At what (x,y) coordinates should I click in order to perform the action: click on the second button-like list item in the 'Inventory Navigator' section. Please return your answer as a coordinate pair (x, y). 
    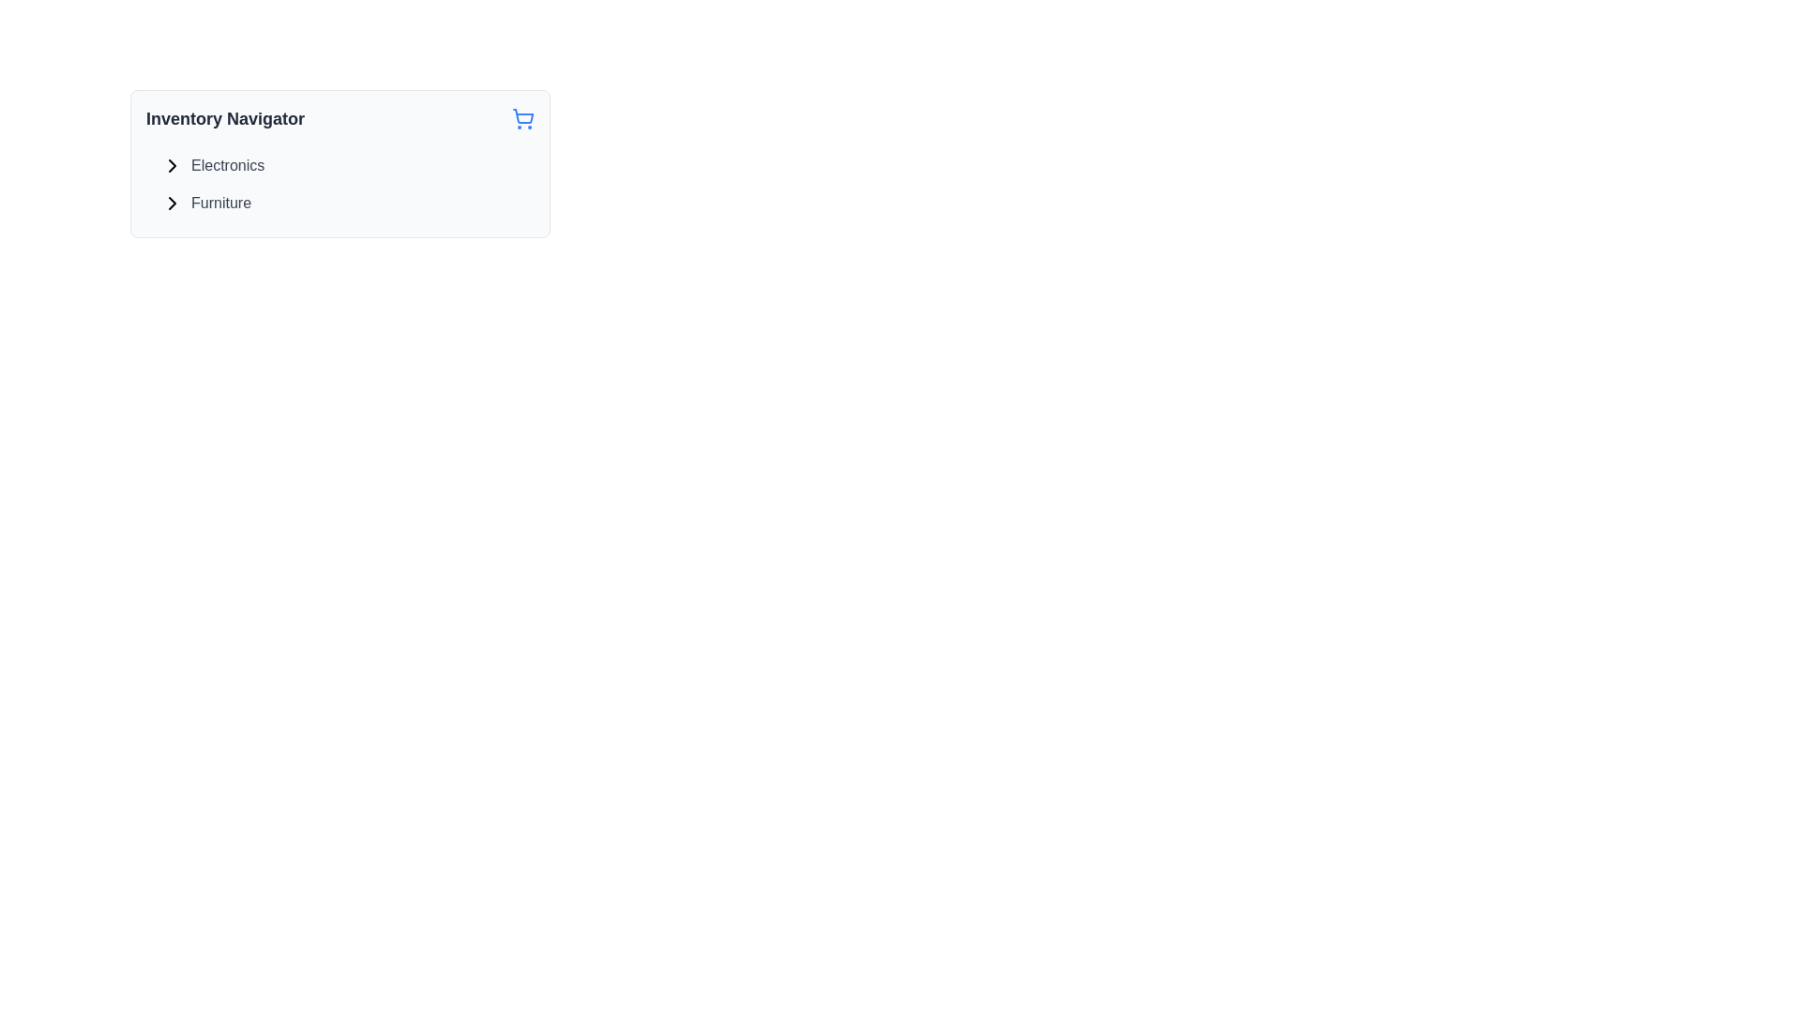
    Looking at the image, I should click on (206, 203).